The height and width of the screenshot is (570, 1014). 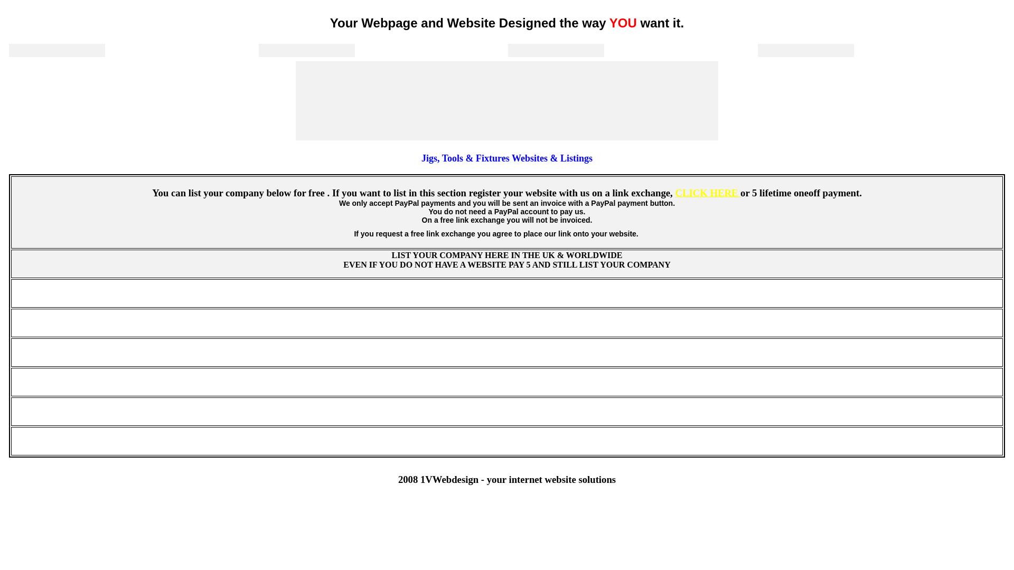 What do you see at coordinates (707, 193) in the screenshot?
I see `'CLICK HERE'` at bounding box center [707, 193].